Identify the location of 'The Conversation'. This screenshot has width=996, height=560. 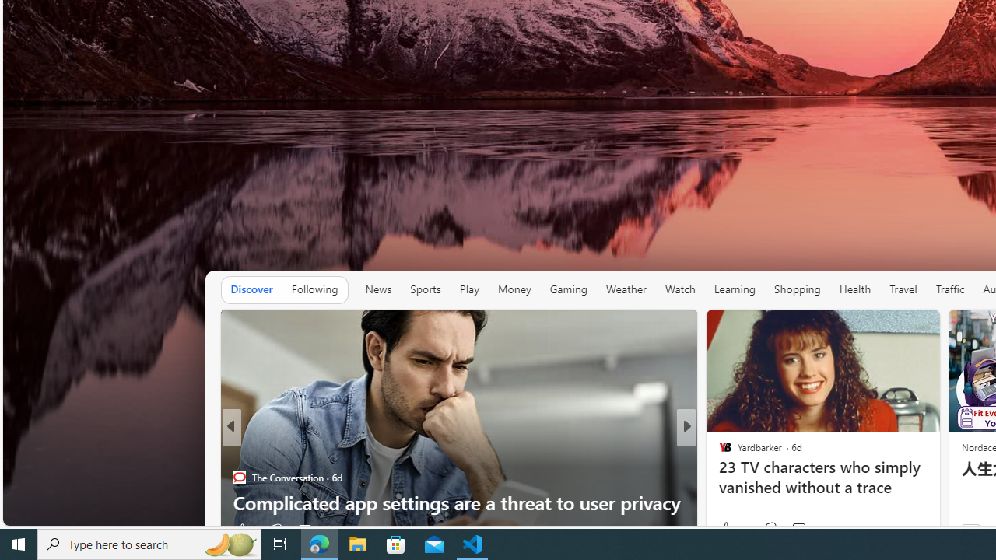
(238, 477).